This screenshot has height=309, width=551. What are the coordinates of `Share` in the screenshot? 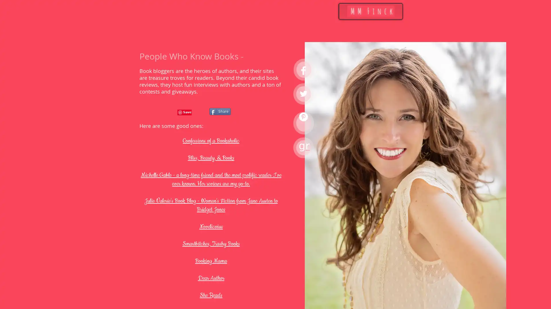 It's located at (220, 111).